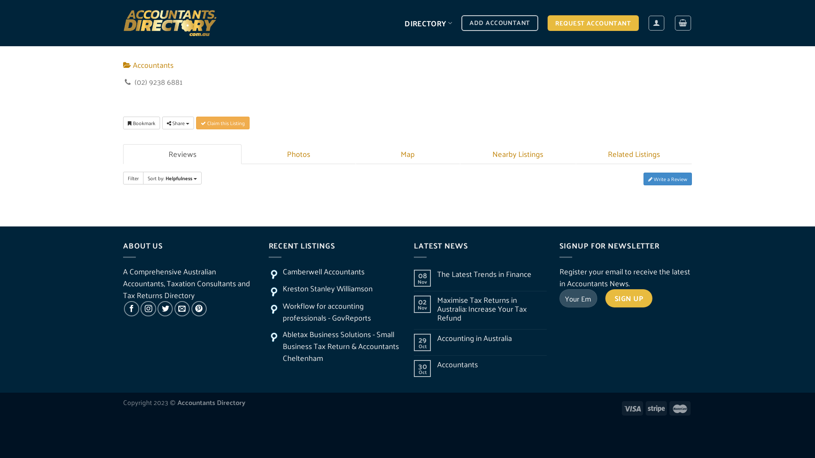  What do you see at coordinates (222, 123) in the screenshot?
I see `'Claim this Listing'` at bounding box center [222, 123].